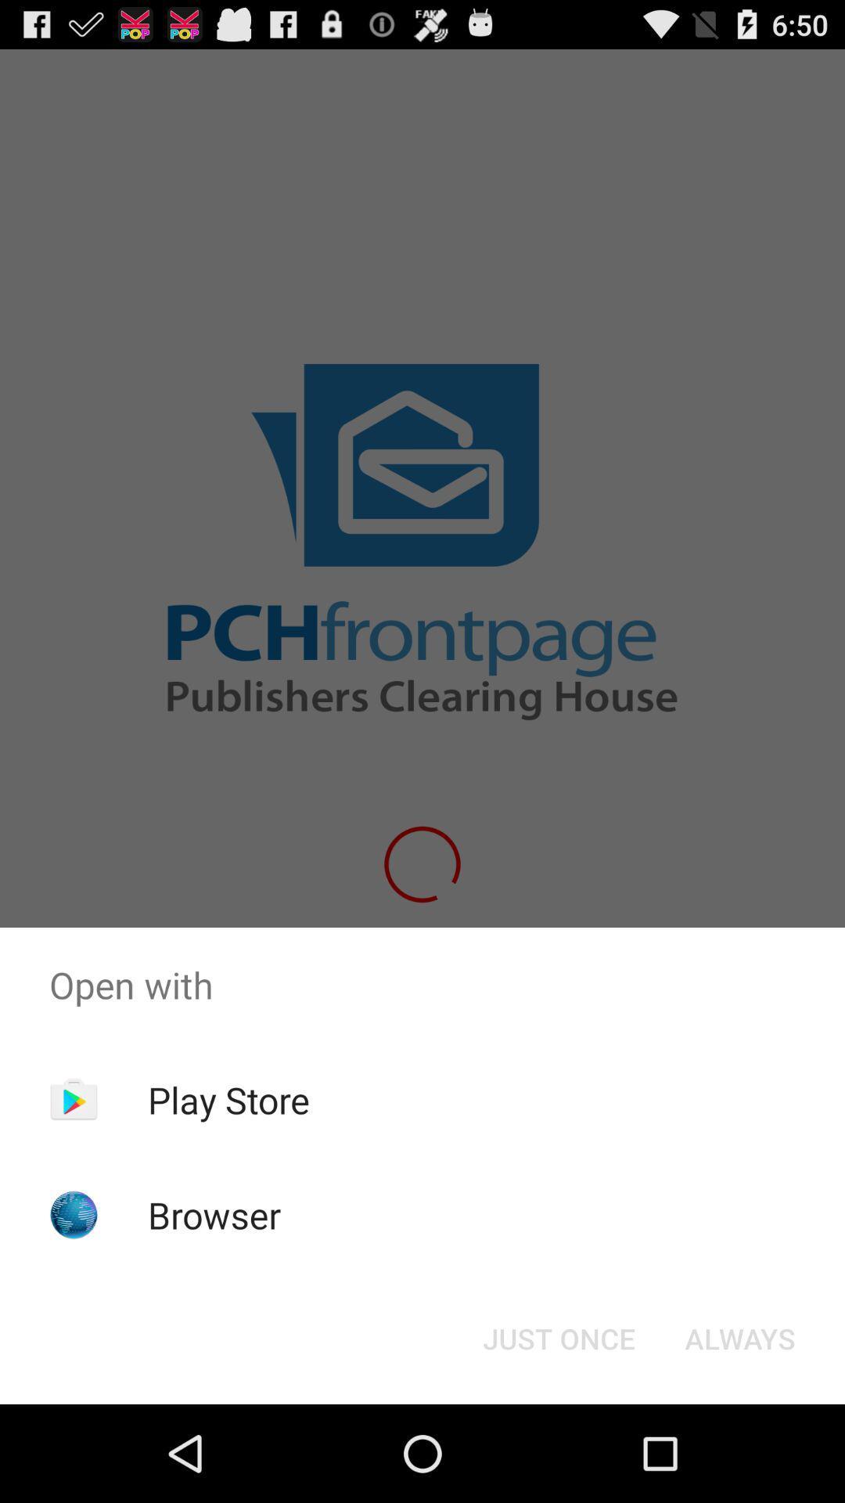 This screenshot has height=1503, width=845. What do you see at coordinates (739, 1337) in the screenshot?
I see `the always` at bounding box center [739, 1337].